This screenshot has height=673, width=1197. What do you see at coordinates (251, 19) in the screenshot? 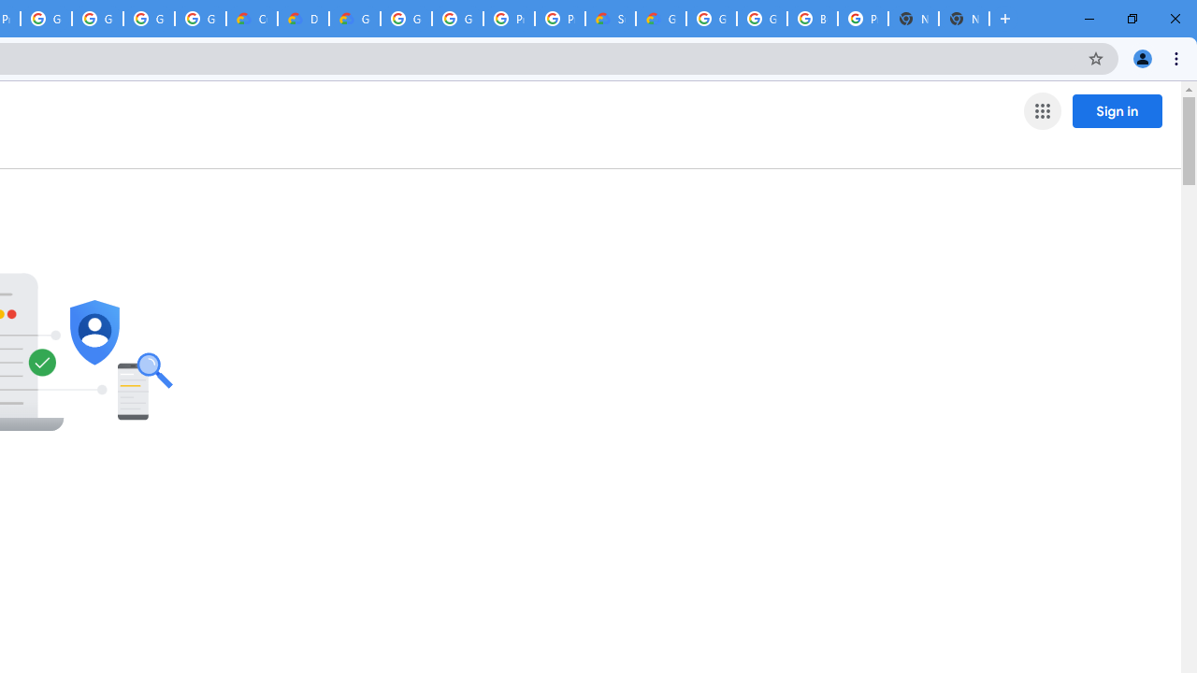
I see `'Customer Care | Google Cloud'` at bounding box center [251, 19].